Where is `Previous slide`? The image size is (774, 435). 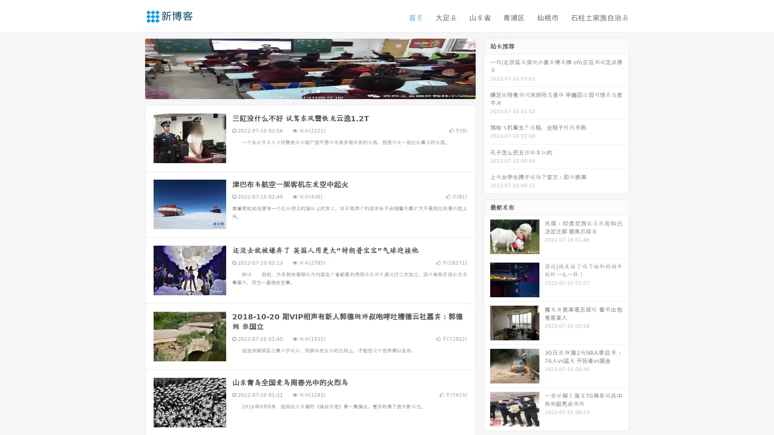
Previous slide is located at coordinates (133, 68).